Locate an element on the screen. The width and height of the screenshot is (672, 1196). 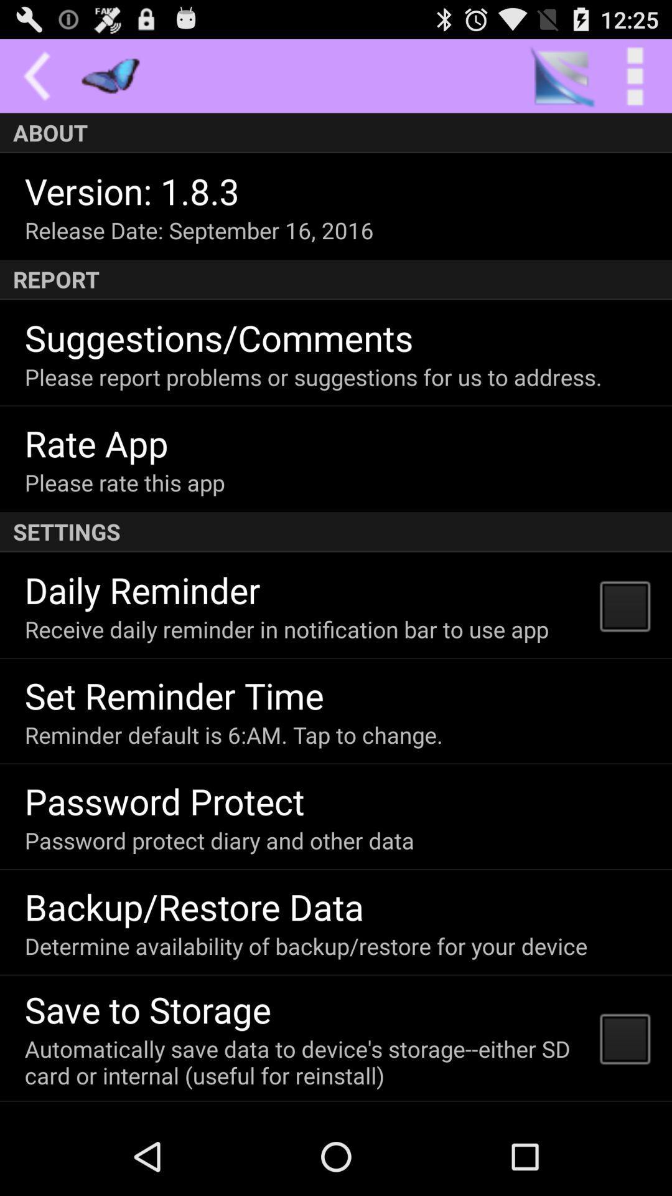
the app below the automatically save data item is located at coordinates (148, 1114).